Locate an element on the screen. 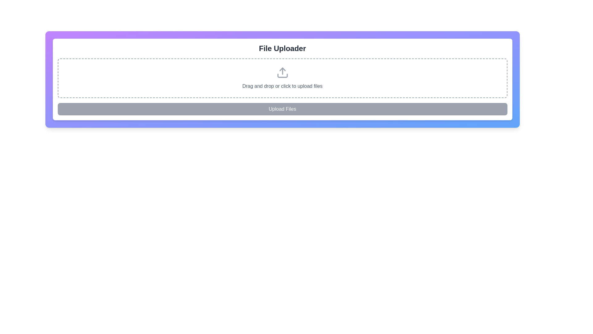 The height and width of the screenshot is (334, 593). the upload icon represented by an upward arrow above the text 'Drag and drop or click to upload files' is located at coordinates (282, 72).